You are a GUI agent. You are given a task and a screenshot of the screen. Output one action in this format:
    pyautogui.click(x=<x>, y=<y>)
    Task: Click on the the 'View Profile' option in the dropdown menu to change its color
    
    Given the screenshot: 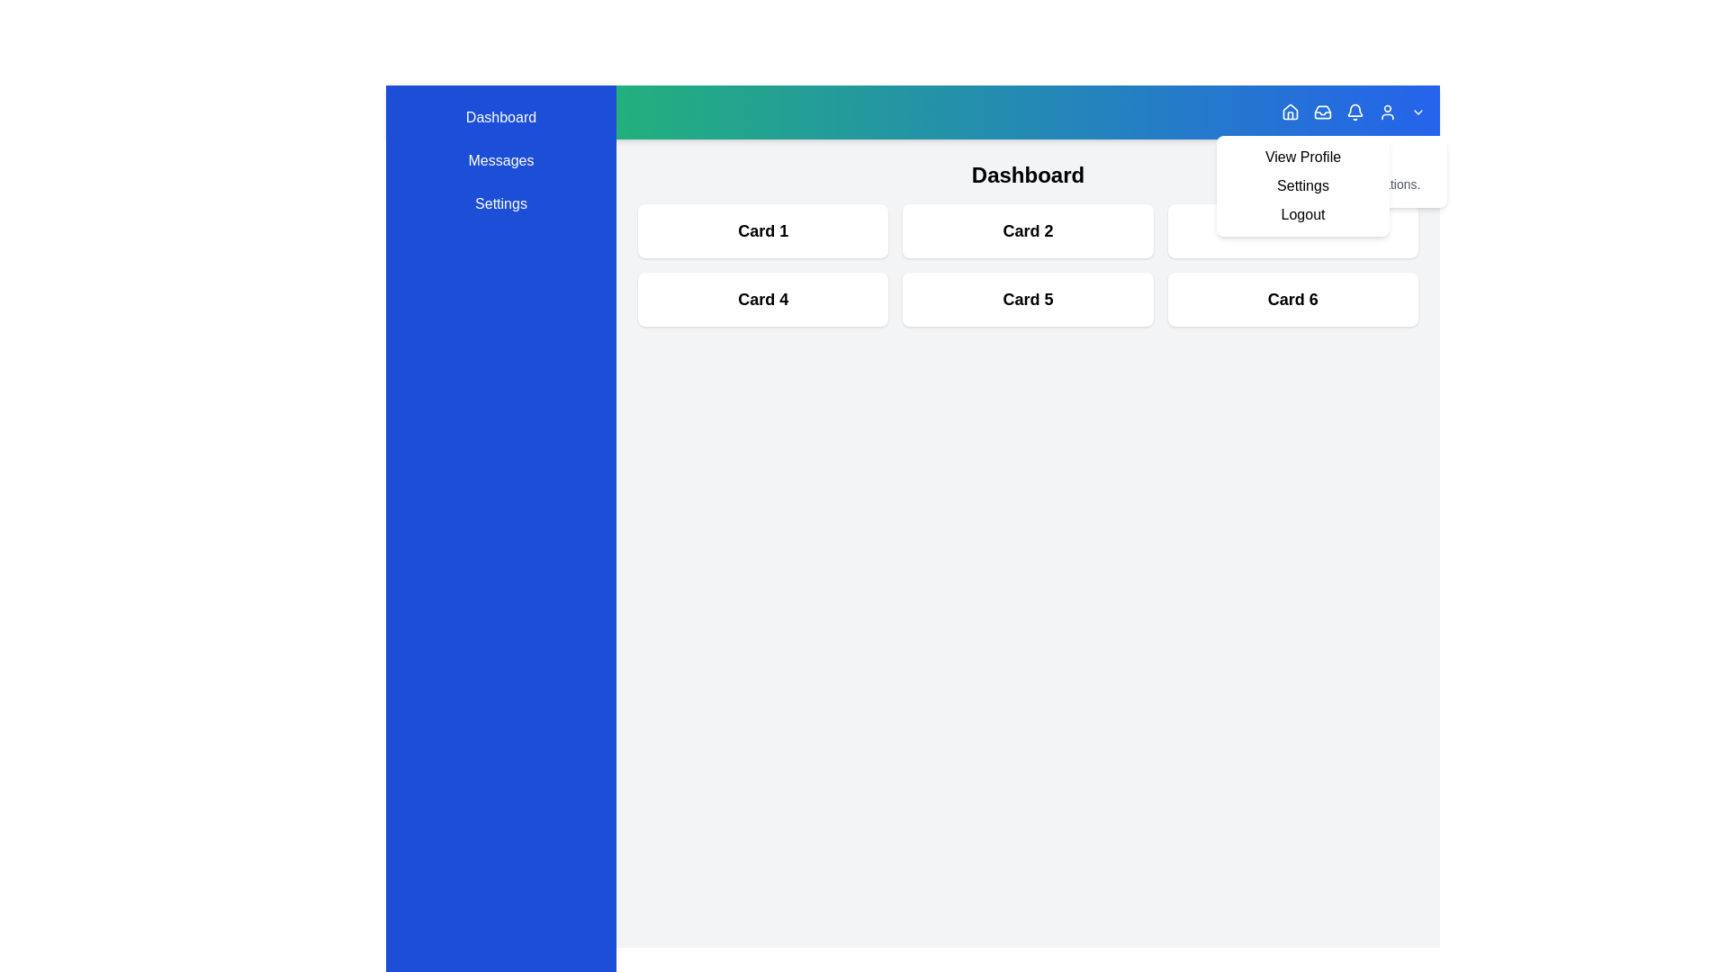 What is the action you would take?
    pyautogui.click(x=1303, y=156)
    